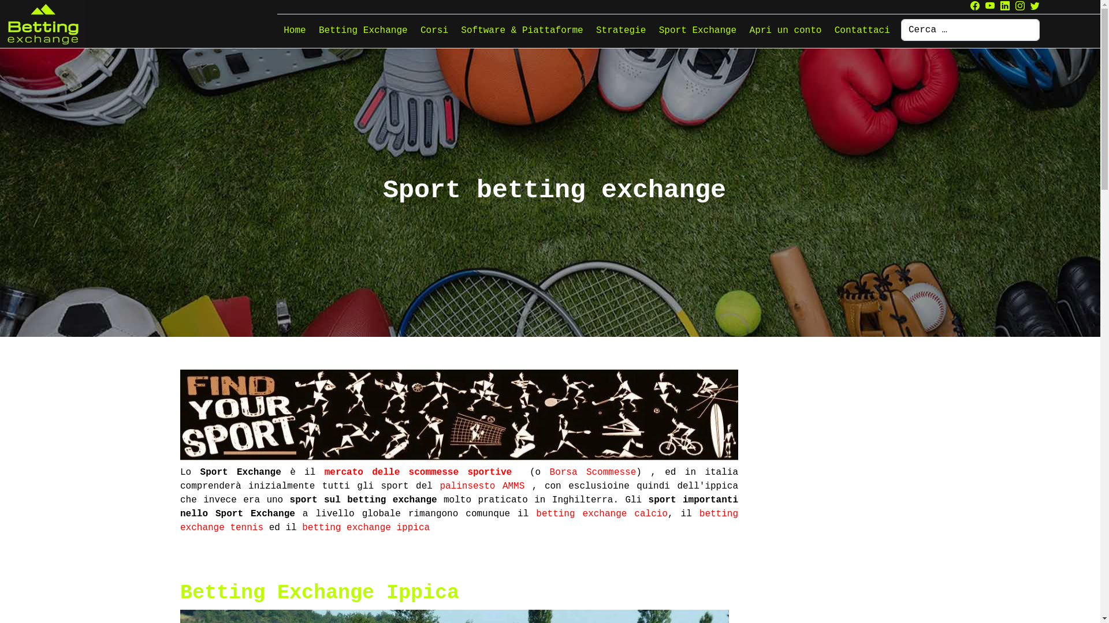  Describe the element at coordinates (1004, 6) in the screenshot. I see `'Linkedin'` at that location.